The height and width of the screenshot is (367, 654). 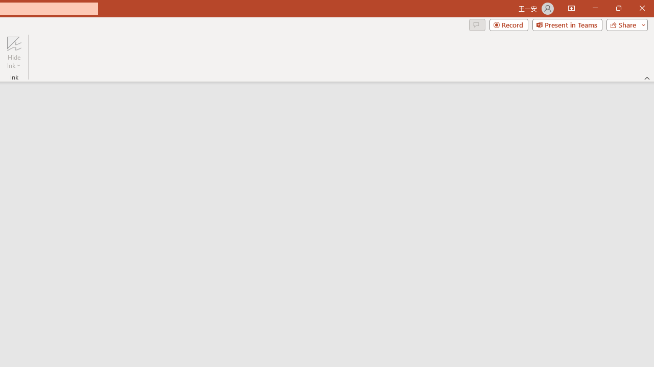 What do you see at coordinates (624, 24) in the screenshot?
I see `'Share'` at bounding box center [624, 24].